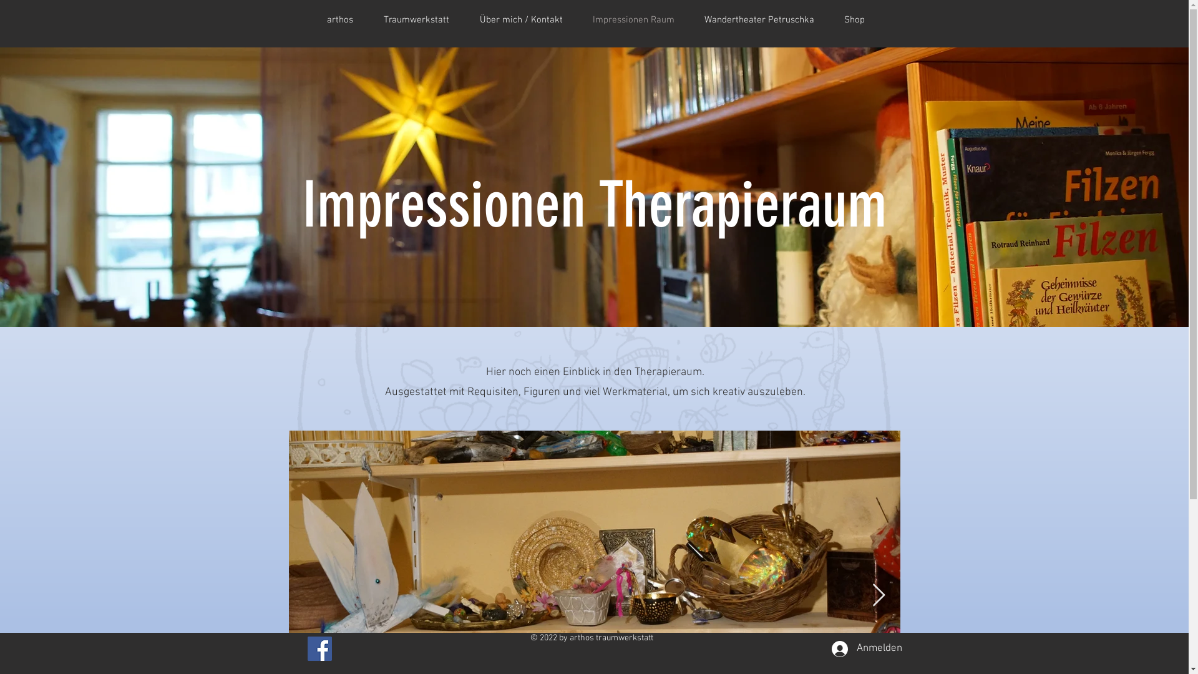 This screenshot has height=674, width=1198. I want to click on 'Wandertheater Petruschka', so click(688, 19).